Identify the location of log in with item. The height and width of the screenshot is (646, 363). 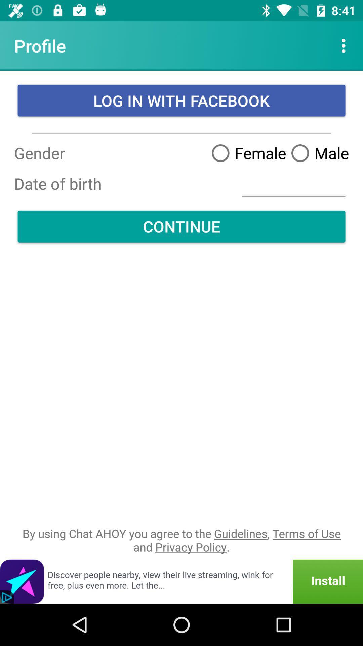
(182, 100).